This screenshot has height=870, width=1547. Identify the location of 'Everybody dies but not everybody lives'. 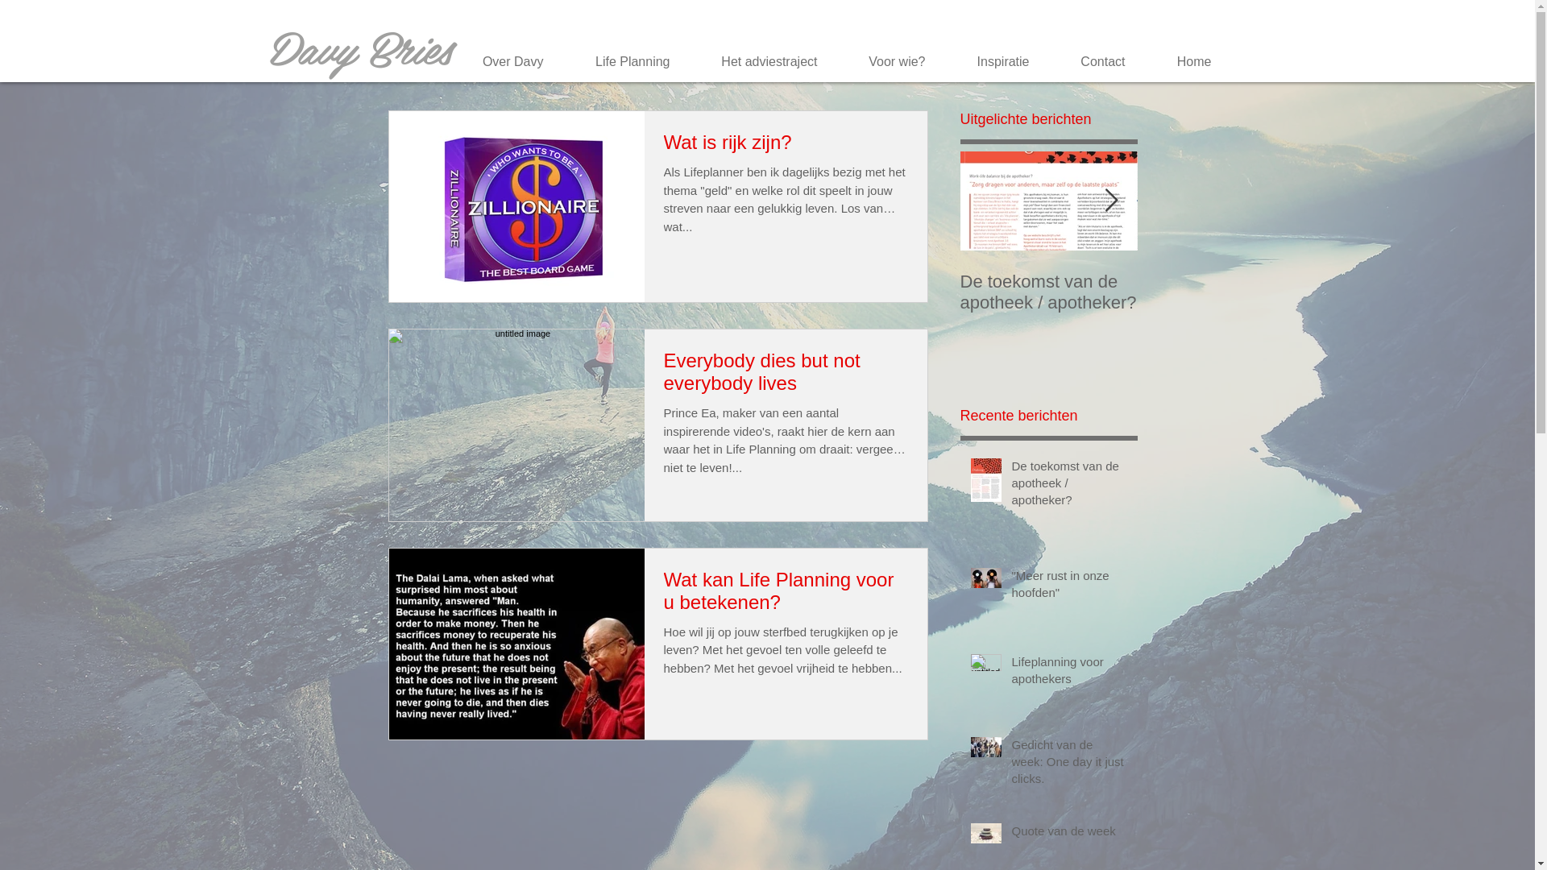
(664, 376).